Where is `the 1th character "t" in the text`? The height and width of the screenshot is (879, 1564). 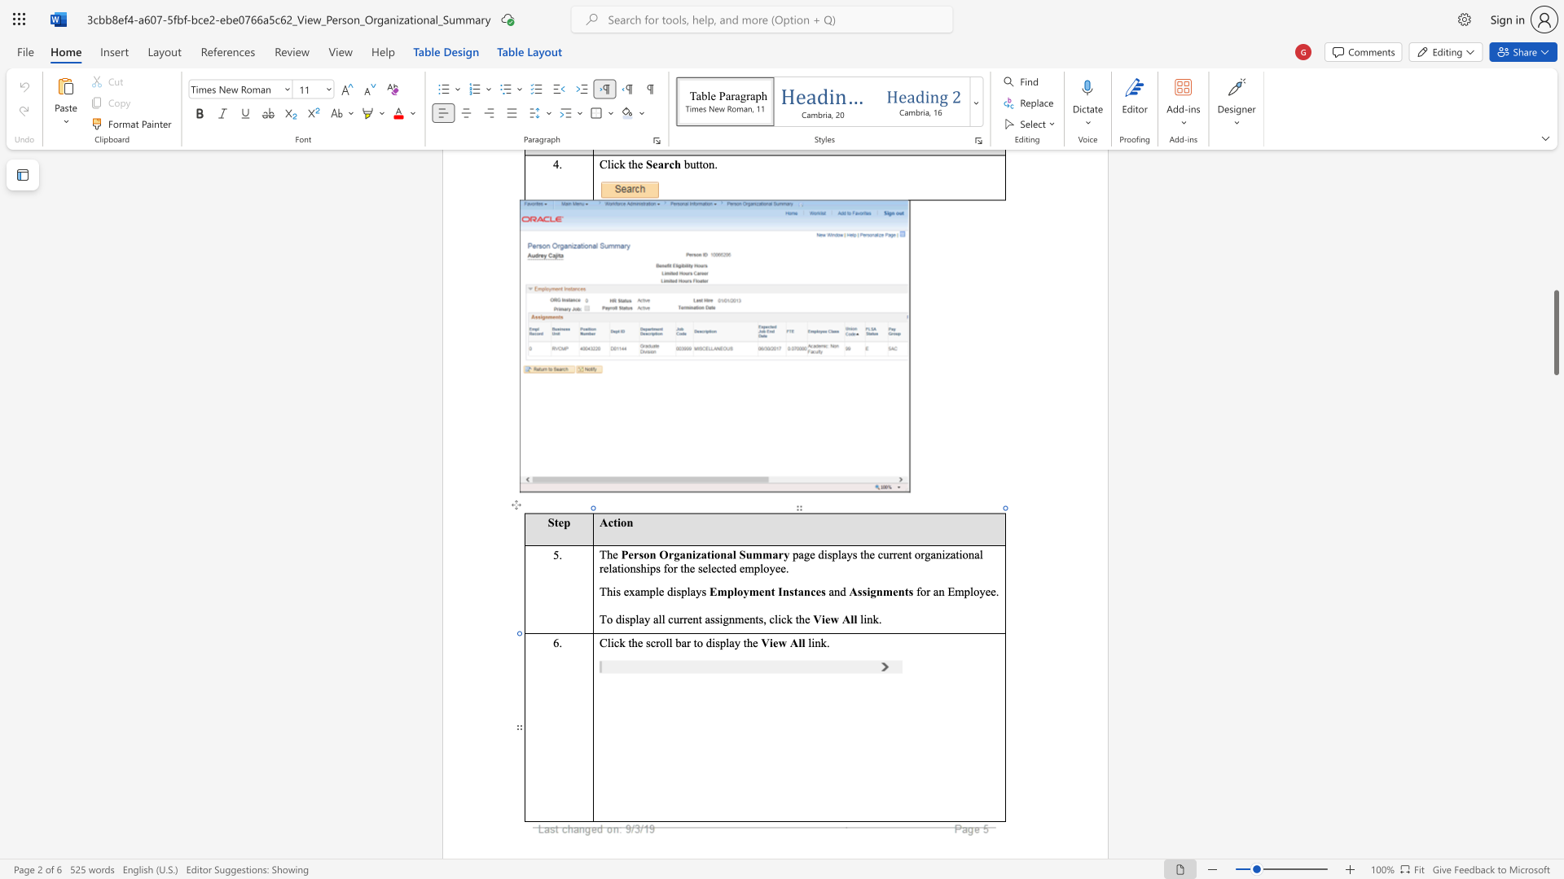
the 1th character "t" in the text is located at coordinates (709, 553).